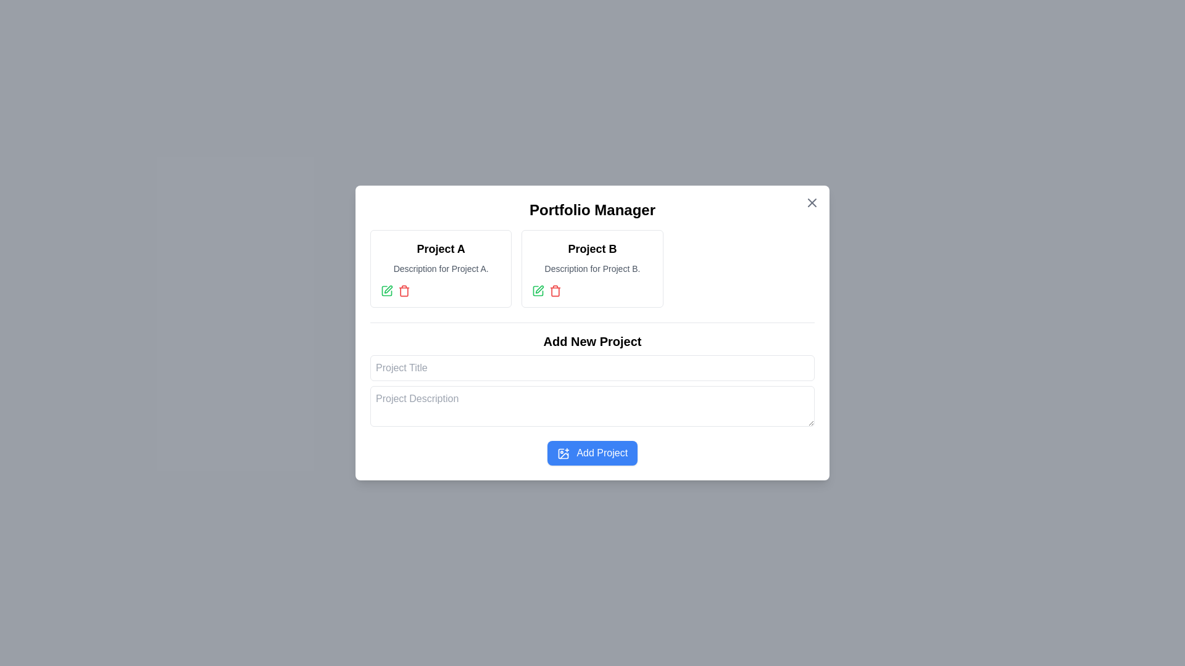 This screenshot has width=1185, height=666. What do you see at coordinates (592, 342) in the screenshot?
I see `the text header displaying 'Add New Project', which is bold and centered in the layout` at bounding box center [592, 342].